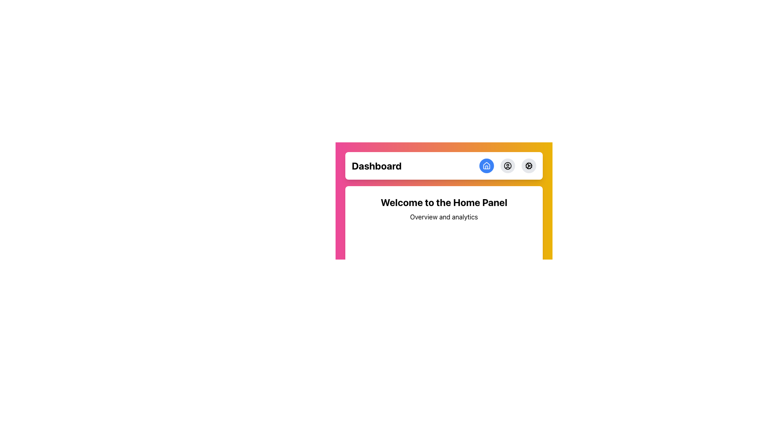 The image size is (780, 438). Describe the element at coordinates (507, 165) in the screenshot. I see `the user profile button, which is the third circular button in the header's right side` at that location.